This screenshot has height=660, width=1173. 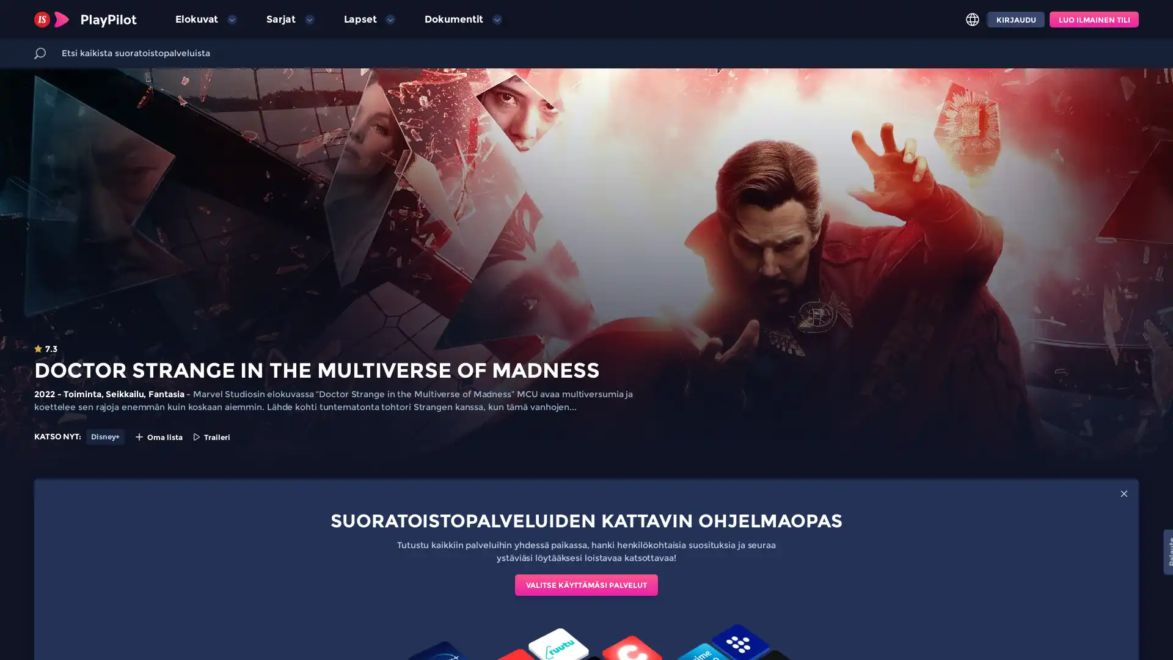 I want to click on KIRJAUDU, so click(x=1015, y=19).